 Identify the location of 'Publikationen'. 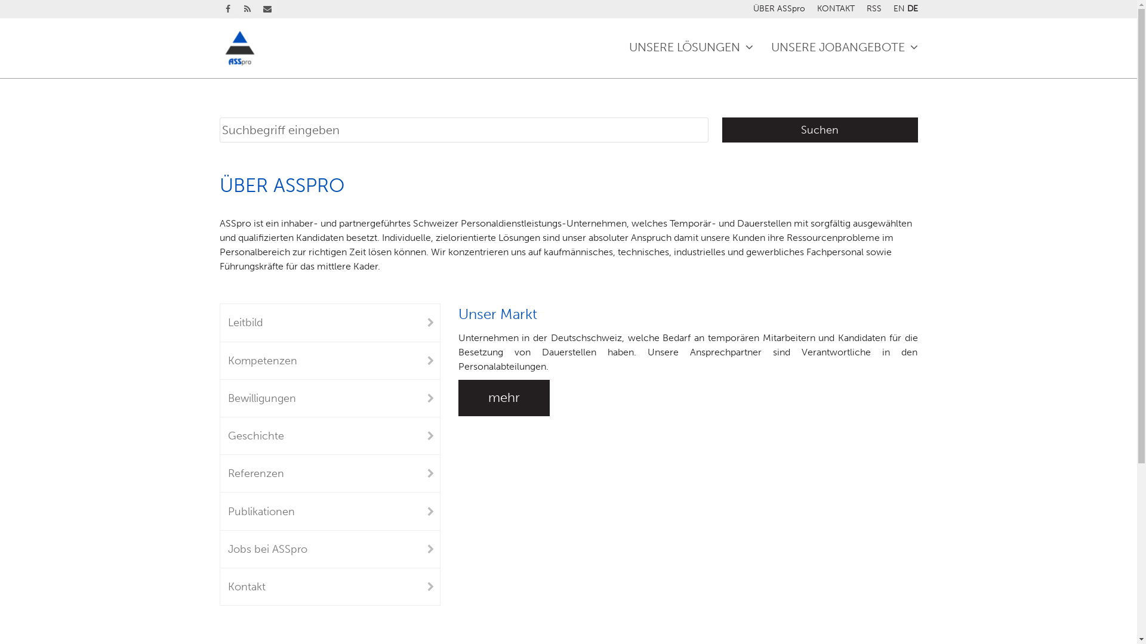
(329, 510).